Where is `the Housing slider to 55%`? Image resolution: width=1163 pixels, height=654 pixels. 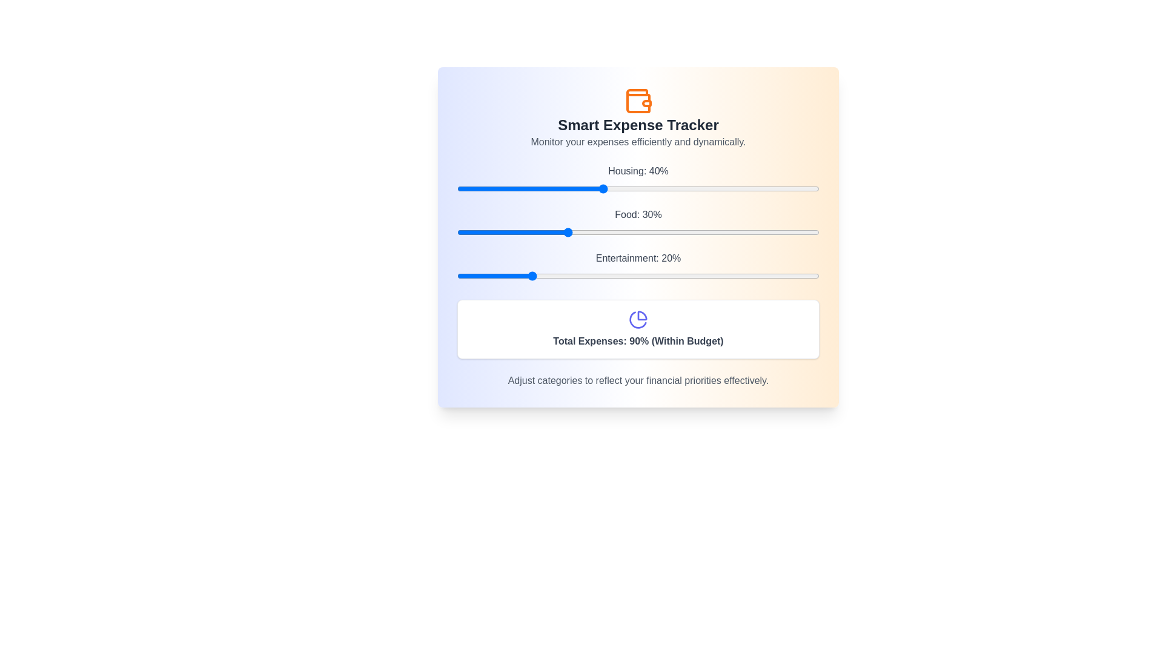 the Housing slider to 55% is located at coordinates (655, 189).